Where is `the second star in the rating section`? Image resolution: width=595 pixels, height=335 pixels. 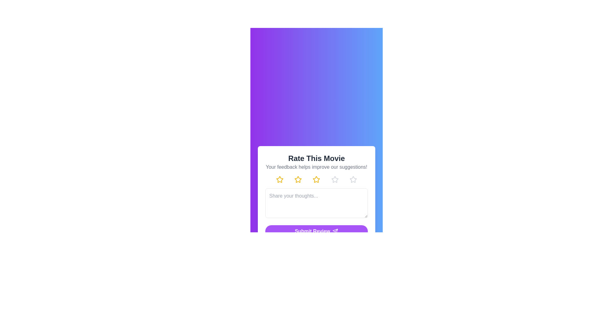
the second star in the rating section is located at coordinates (298, 179).